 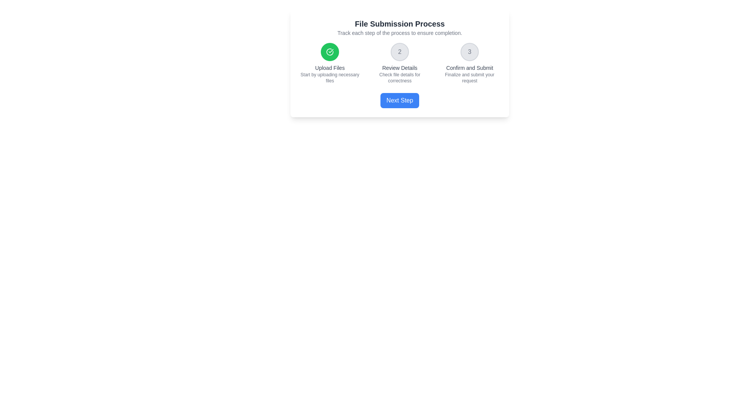 I want to click on the navigation button located at the bottom of the 'File Submission Process' card to change its background color, so click(x=399, y=100).